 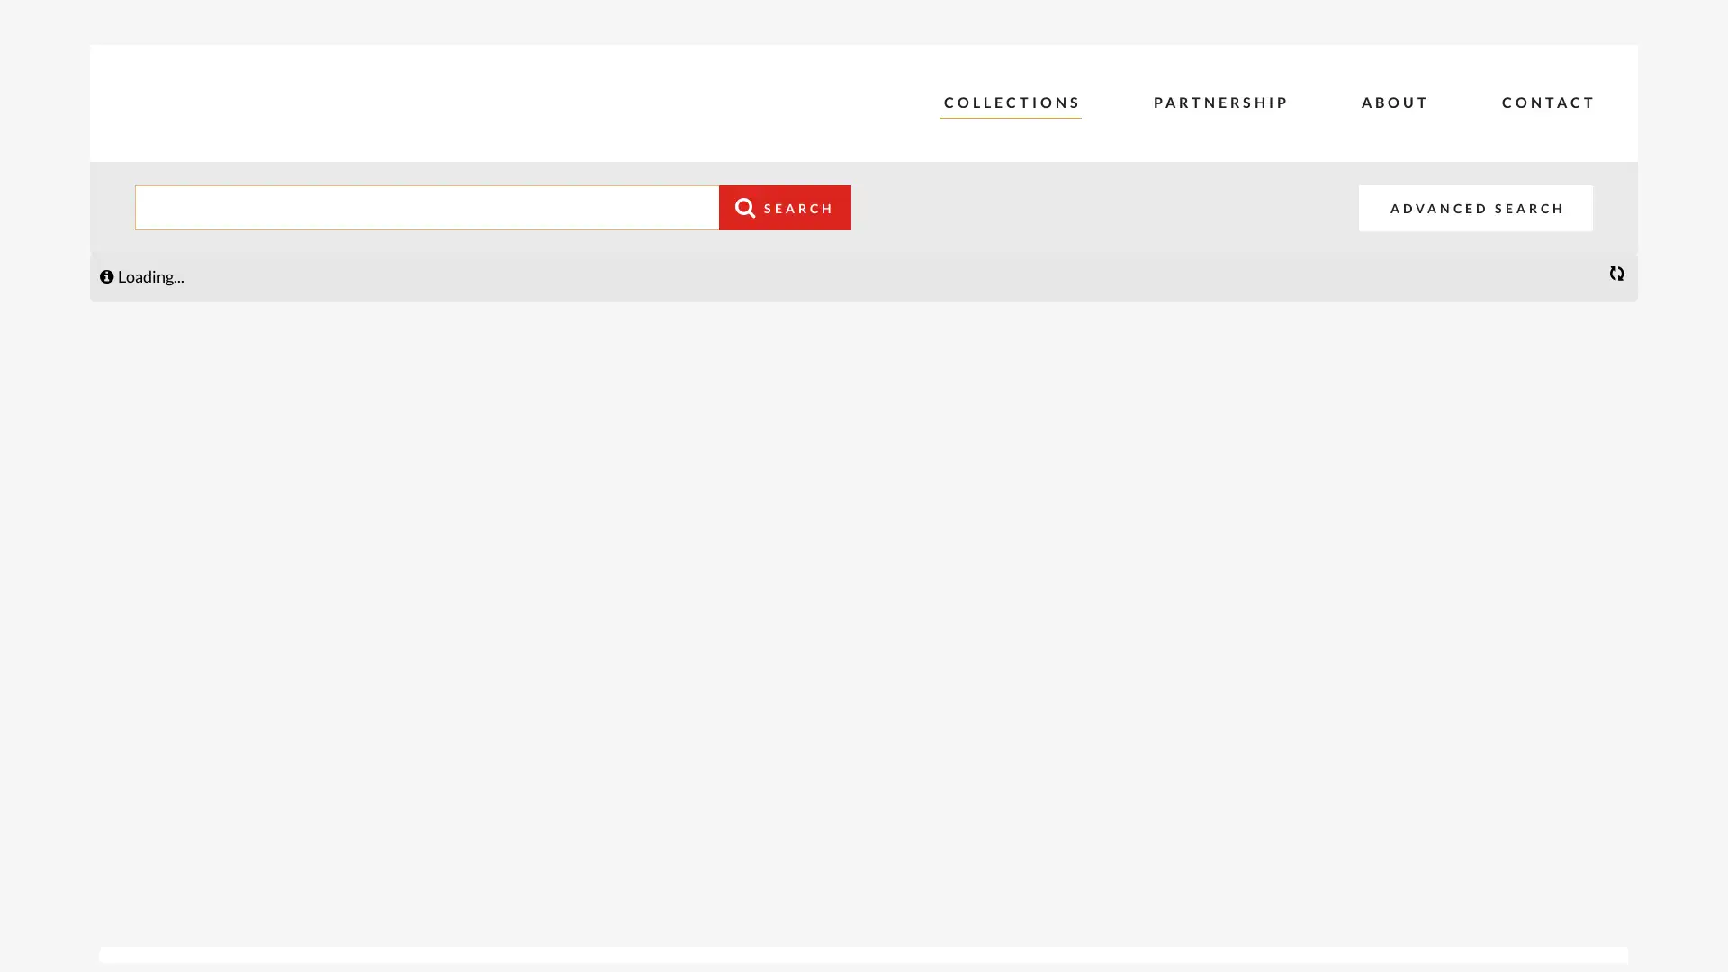 I want to click on Search, so click(x=785, y=207).